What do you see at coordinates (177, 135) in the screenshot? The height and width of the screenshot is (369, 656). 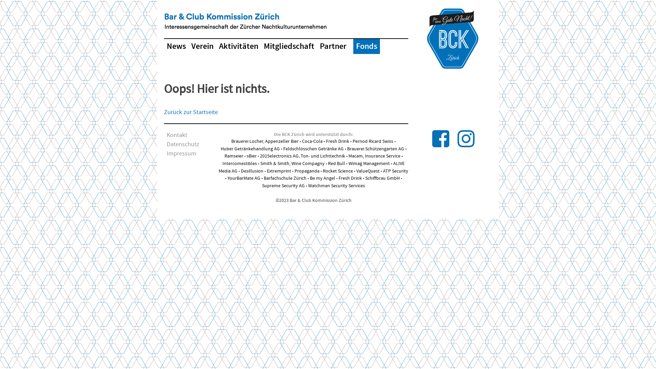 I see `'Kontakt'` at bounding box center [177, 135].